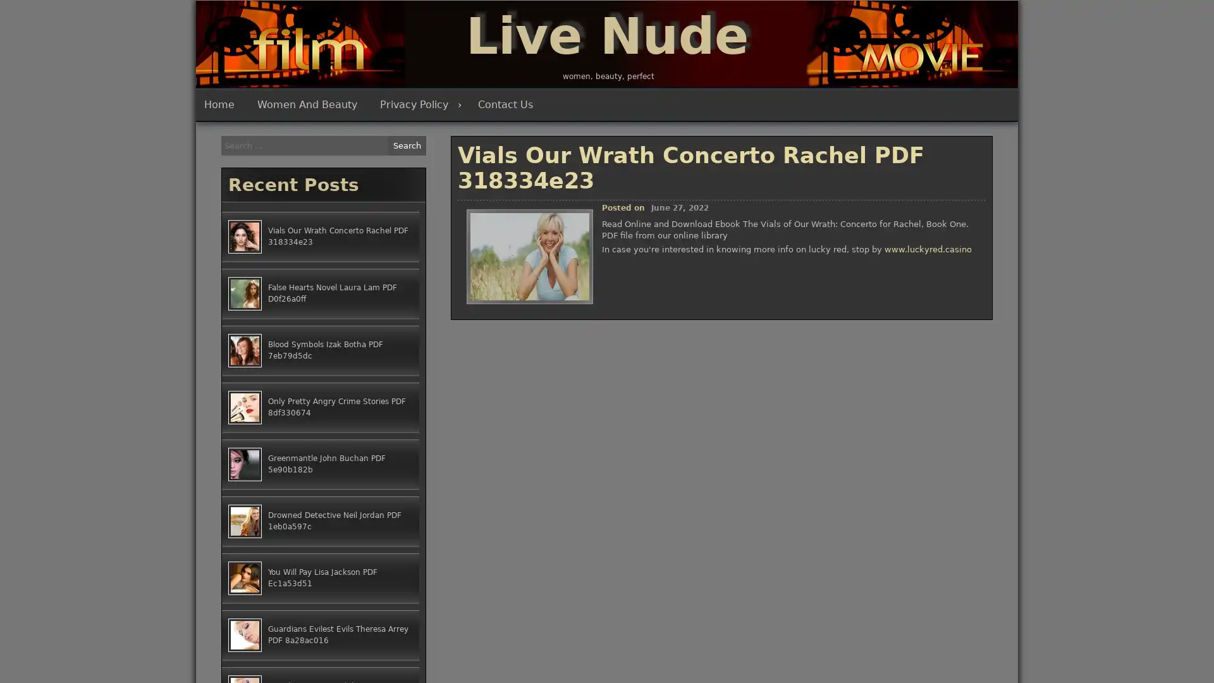 Image resolution: width=1214 pixels, height=683 pixels. Describe the element at coordinates (407, 145) in the screenshot. I see `Search` at that location.